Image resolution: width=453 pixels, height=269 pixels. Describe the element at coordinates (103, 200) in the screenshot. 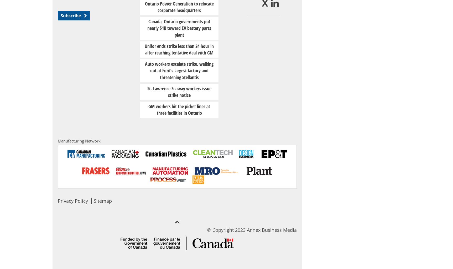

I see `'Sitemap'` at that location.